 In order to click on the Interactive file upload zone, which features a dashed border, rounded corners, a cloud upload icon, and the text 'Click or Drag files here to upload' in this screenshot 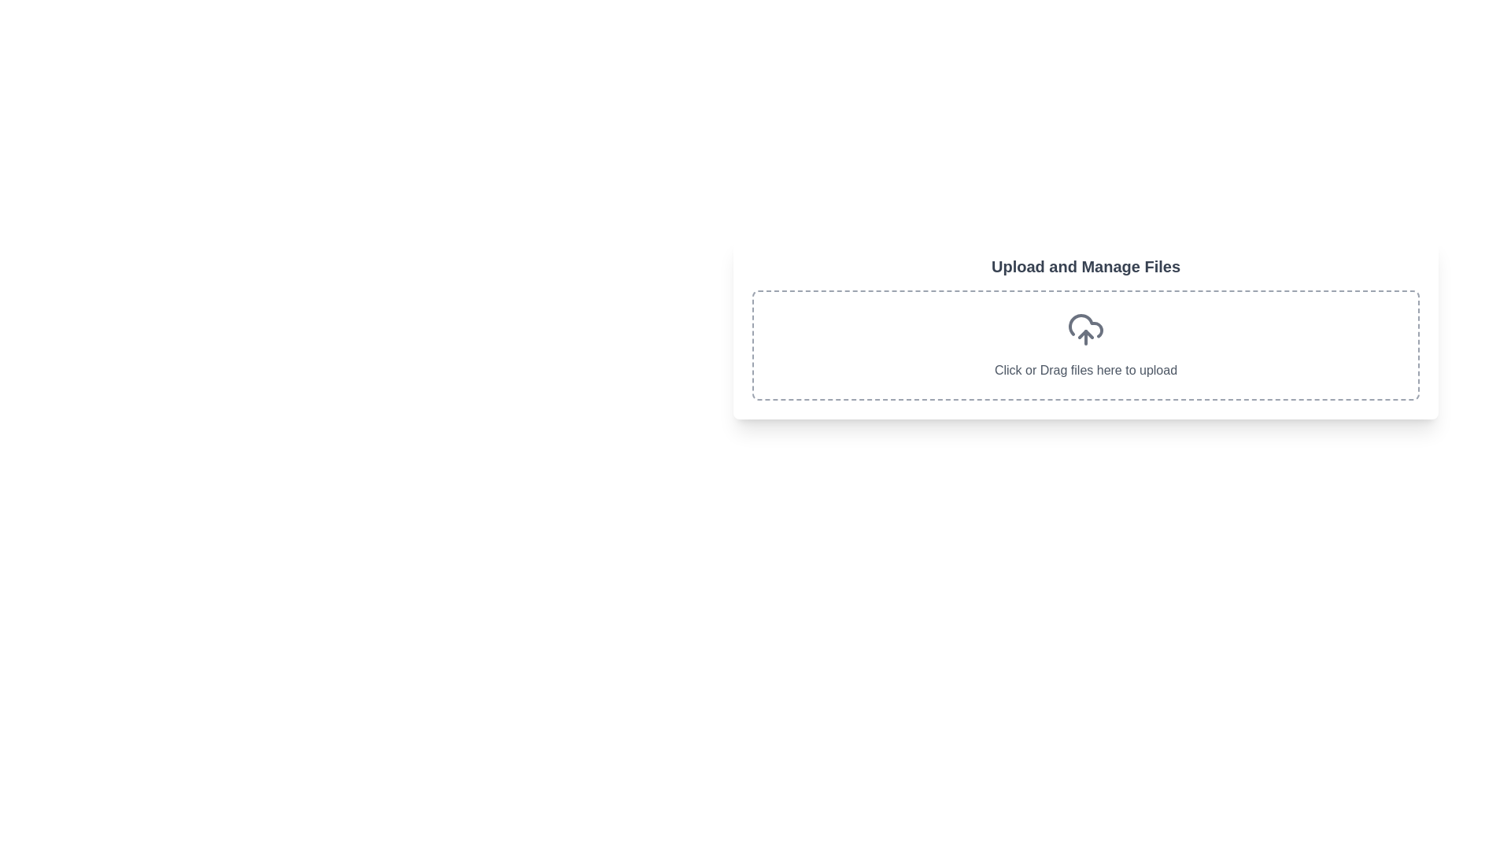, I will do `click(1085, 345)`.